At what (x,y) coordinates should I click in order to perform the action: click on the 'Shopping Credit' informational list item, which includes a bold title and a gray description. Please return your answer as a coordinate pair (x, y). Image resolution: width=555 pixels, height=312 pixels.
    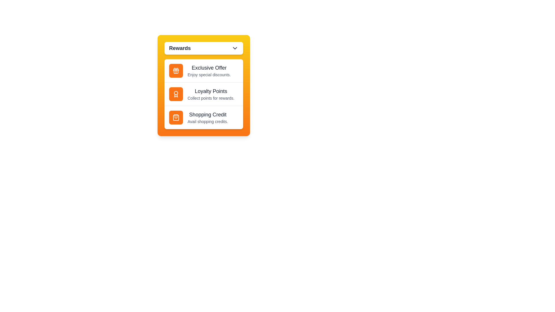
    Looking at the image, I should click on (208, 117).